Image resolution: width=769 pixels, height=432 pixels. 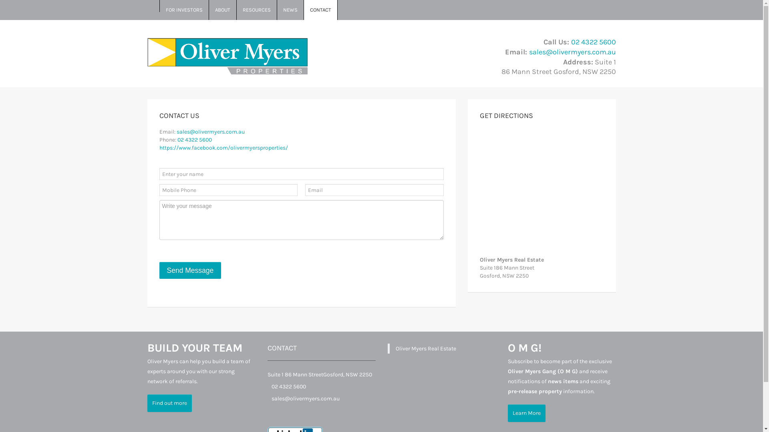 I want to click on 'ABOUT', so click(x=223, y=10).